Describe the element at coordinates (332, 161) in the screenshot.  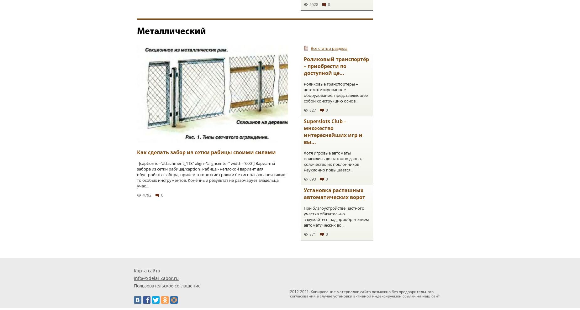
I see `'Хотя игровые автоматы появились достаточно давно, количество их поклонников неуклонно повышается...'` at that location.